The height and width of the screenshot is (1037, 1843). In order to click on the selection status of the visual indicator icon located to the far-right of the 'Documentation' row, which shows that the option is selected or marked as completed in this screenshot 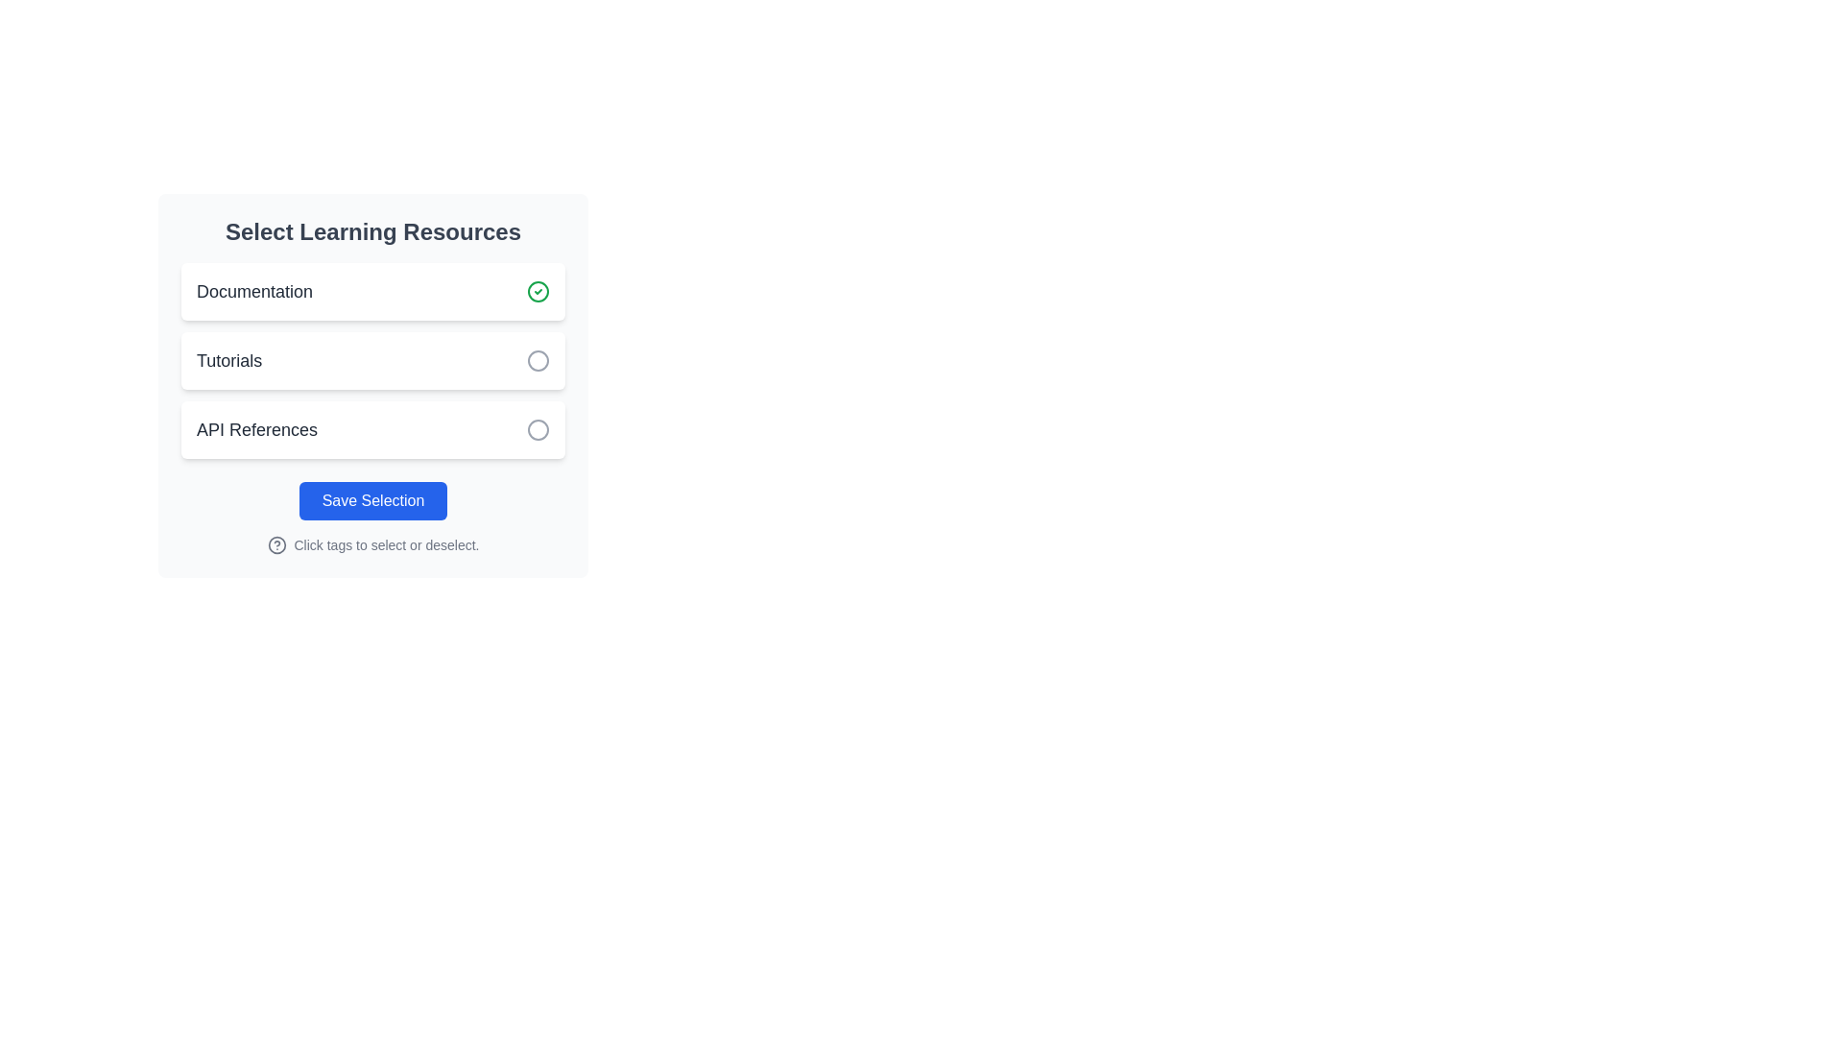, I will do `click(538, 292)`.